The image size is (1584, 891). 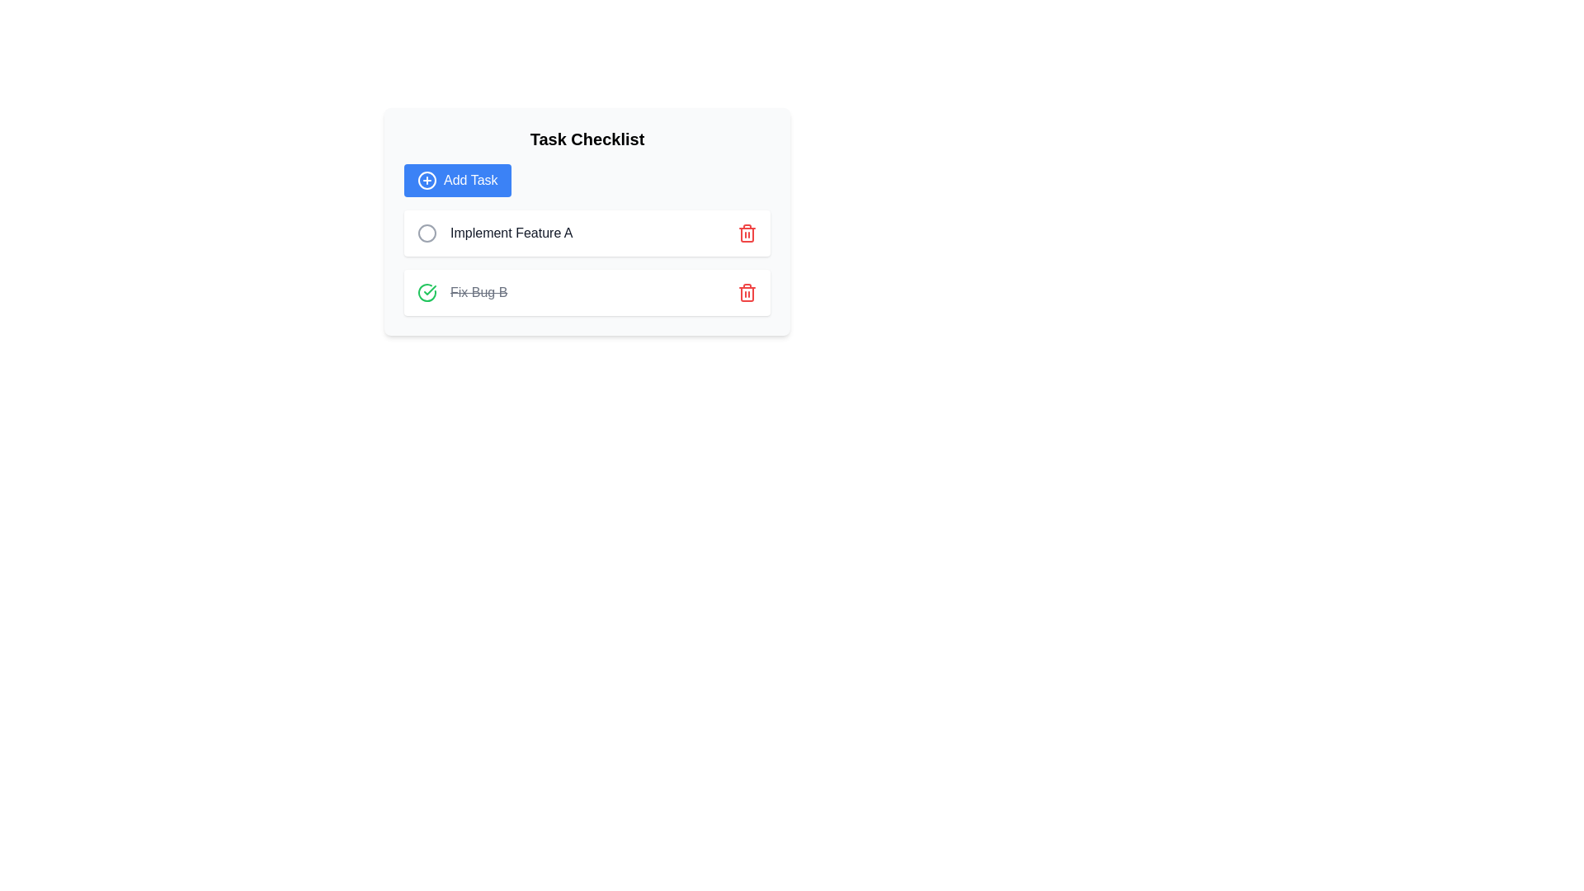 What do you see at coordinates (427, 233) in the screenshot?
I see `the small circular icon with a thin border and light gray color, which is the first icon to the left of the 'Implement Feature A' text in the task list` at bounding box center [427, 233].